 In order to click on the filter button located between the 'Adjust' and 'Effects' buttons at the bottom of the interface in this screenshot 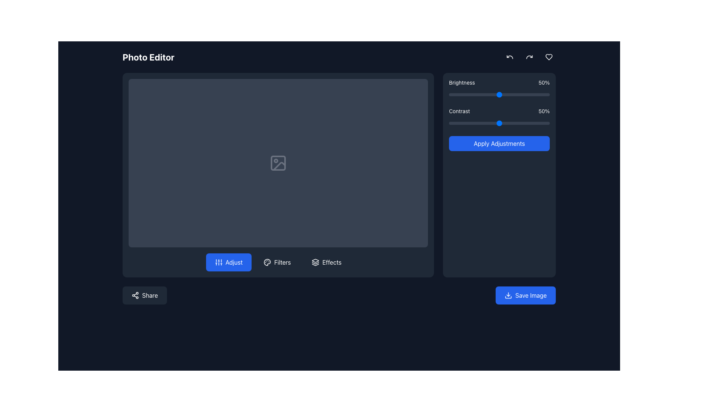, I will do `click(277, 262)`.